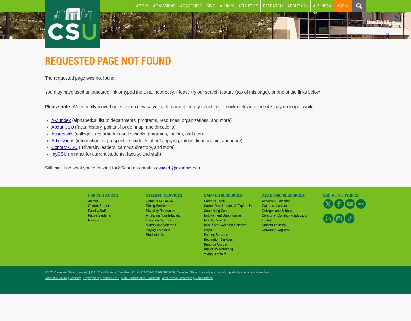  What do you see at coordinates (163, 195) in the screenshot?
I see `'Student Services'` at bounding box center [163, 195].